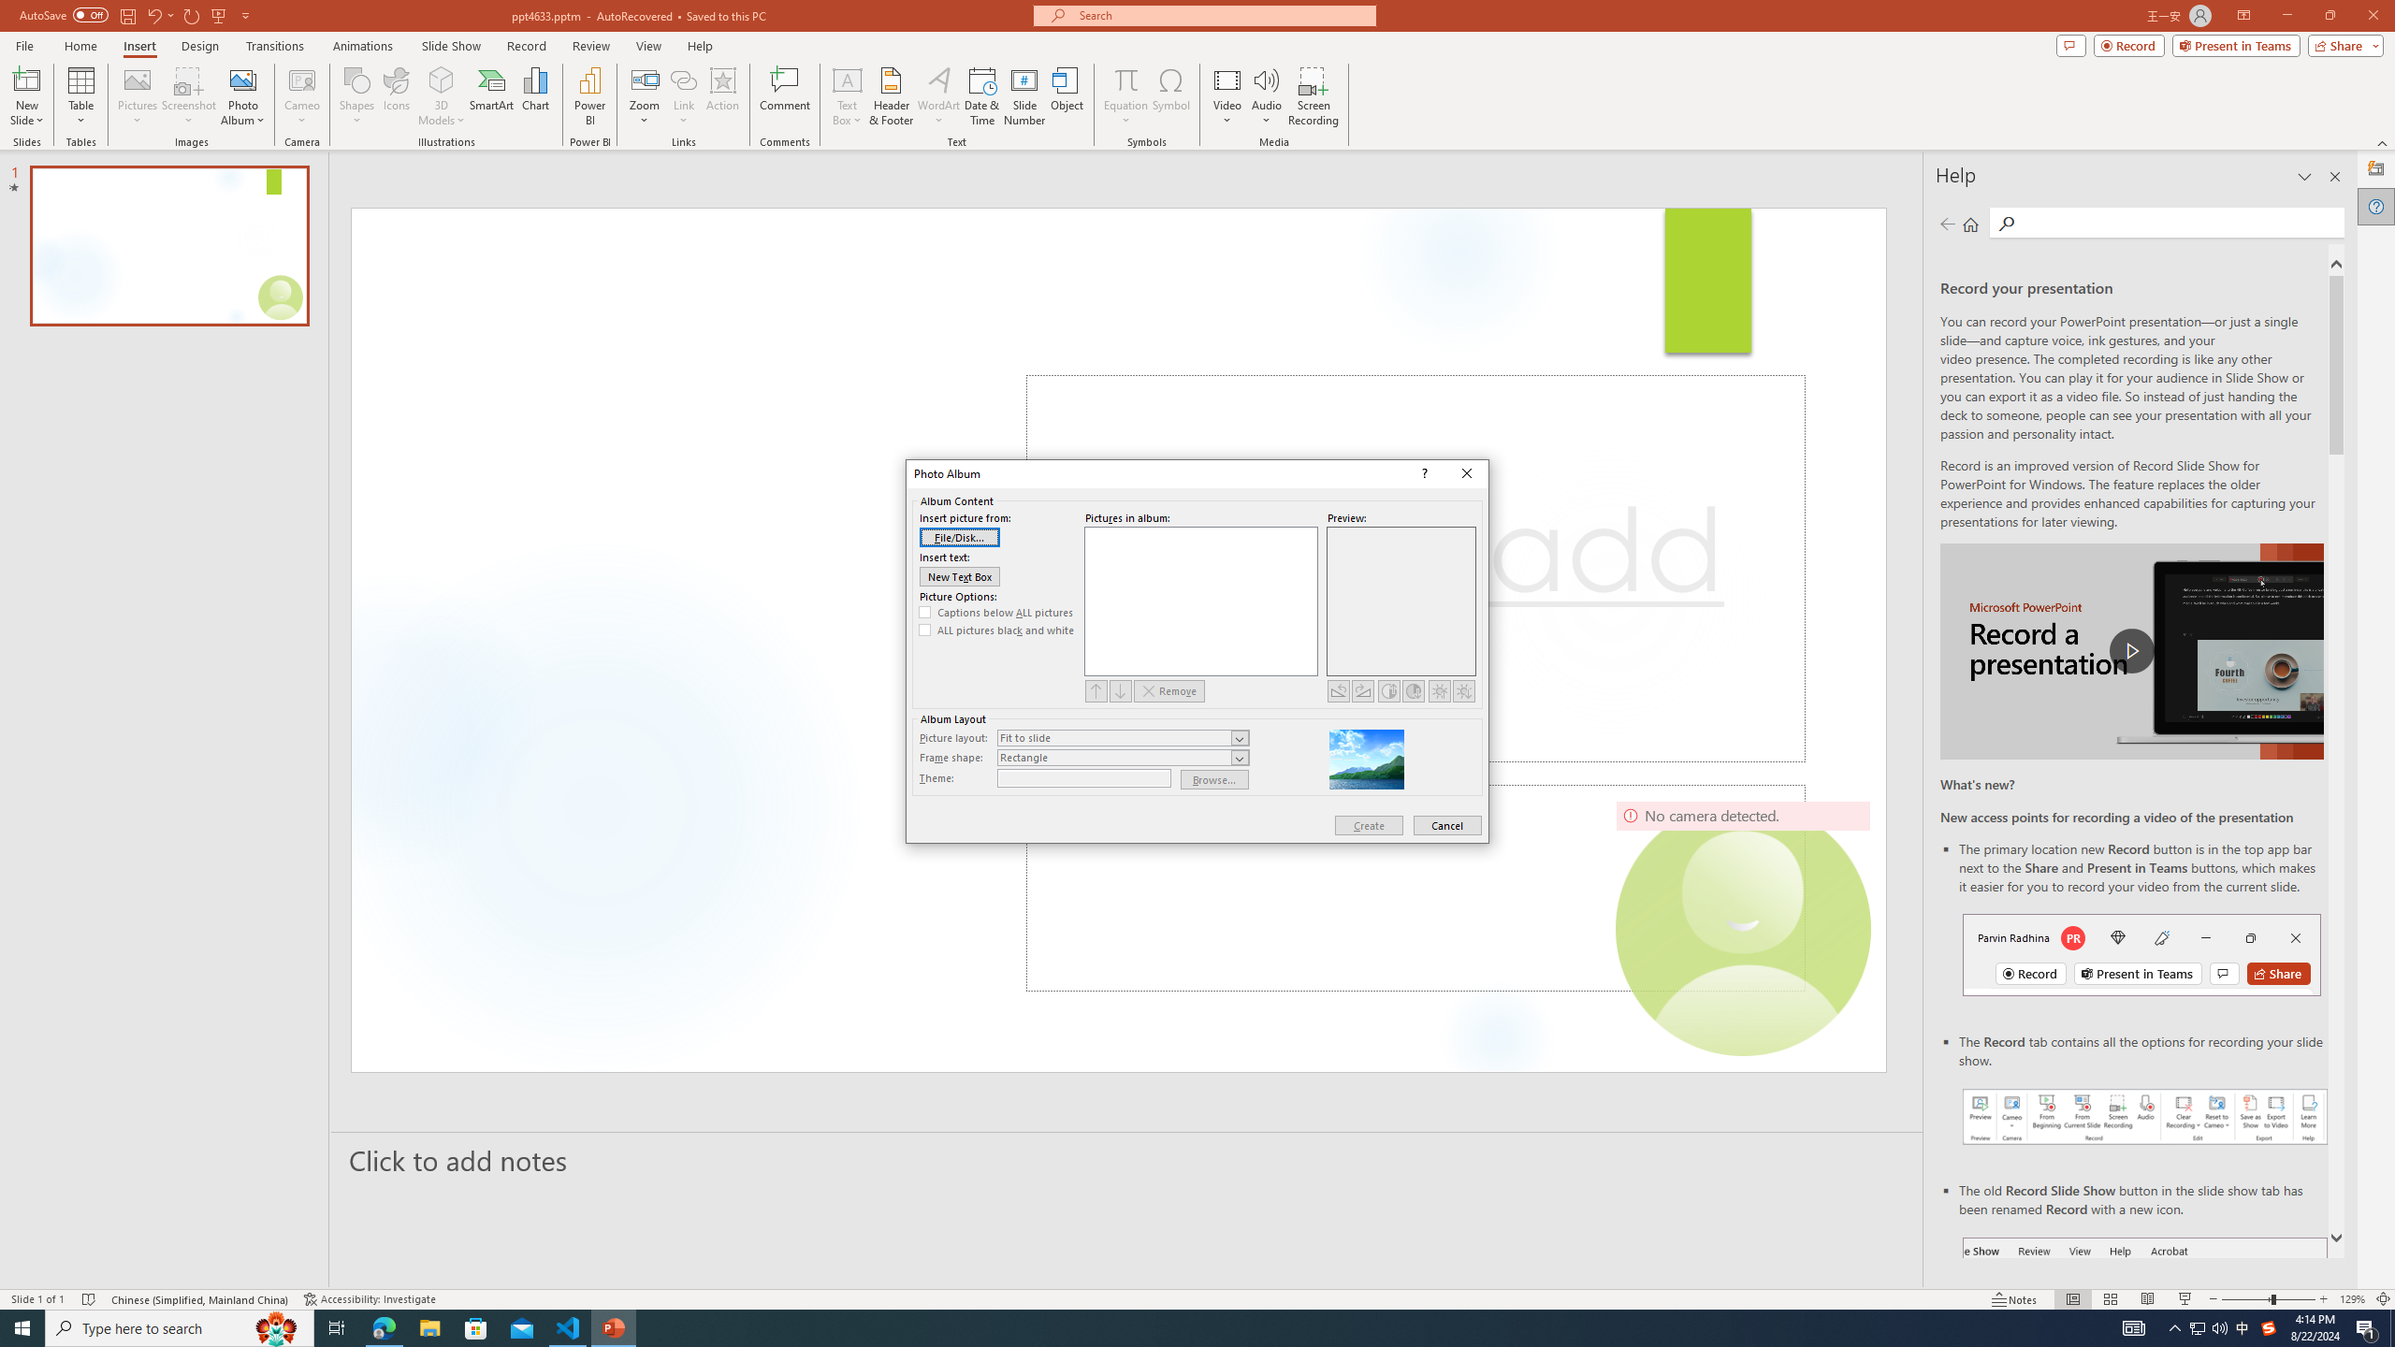 The width and height of the screenshot is (2395, 1347). I want to click on 'Object...', so click(1067, 96).